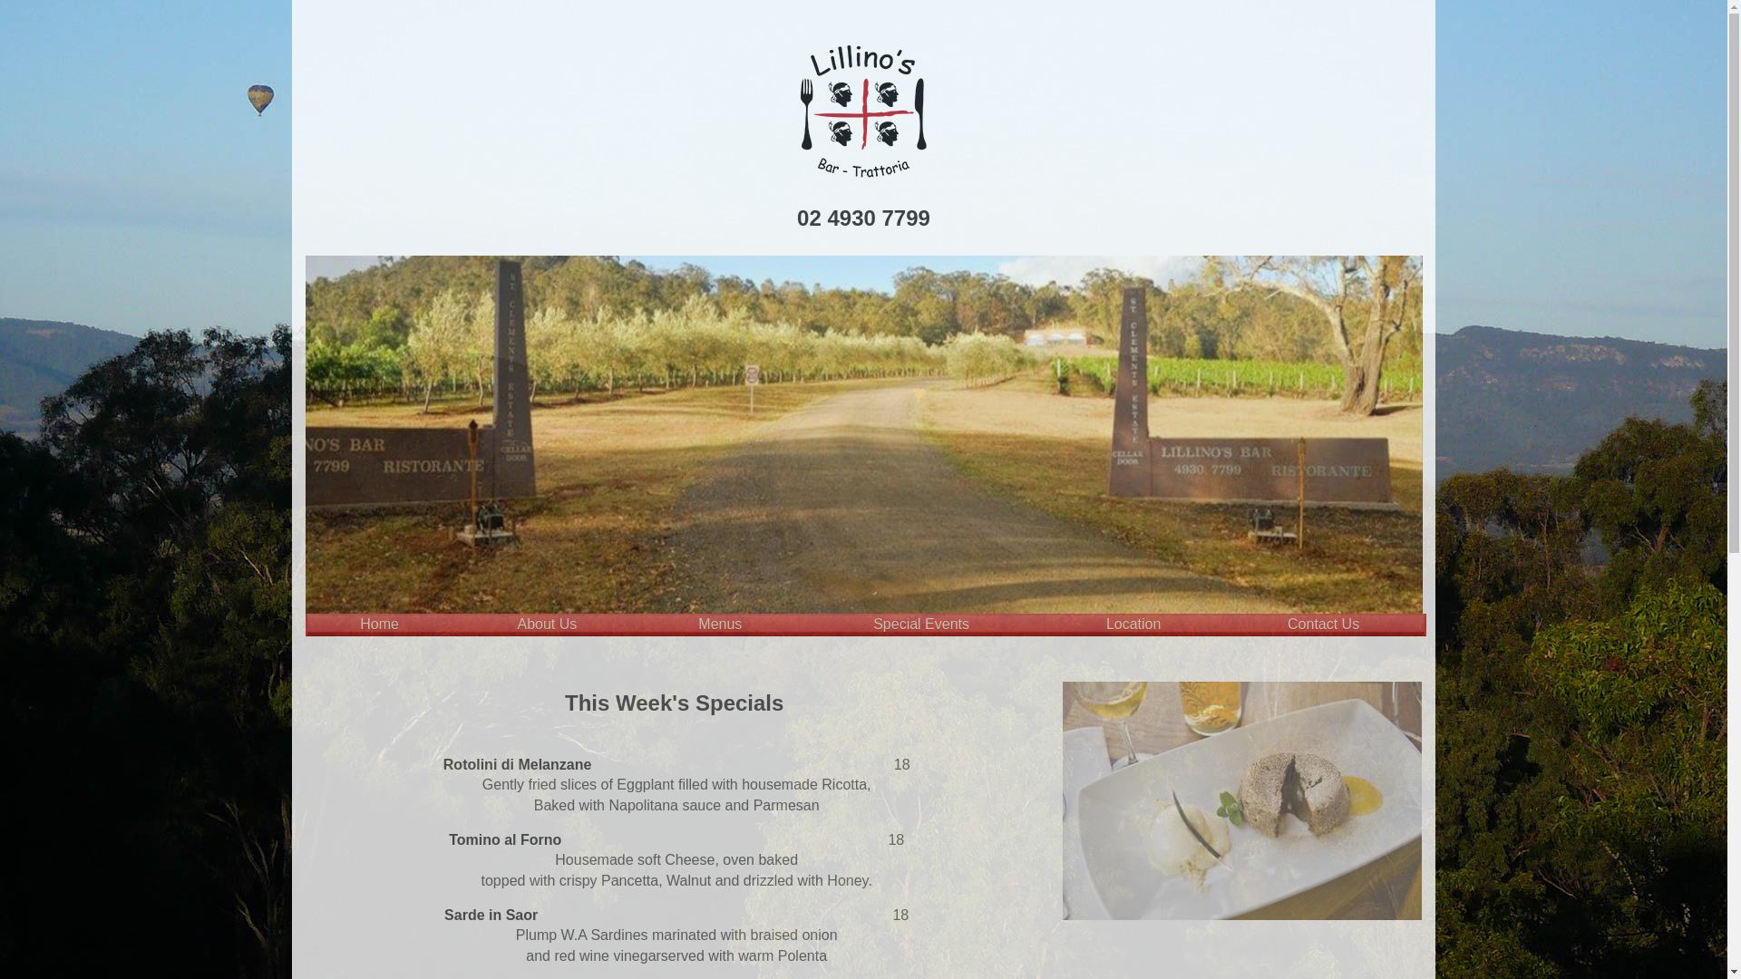  I want to click on 'Menus', so click(718, 624).